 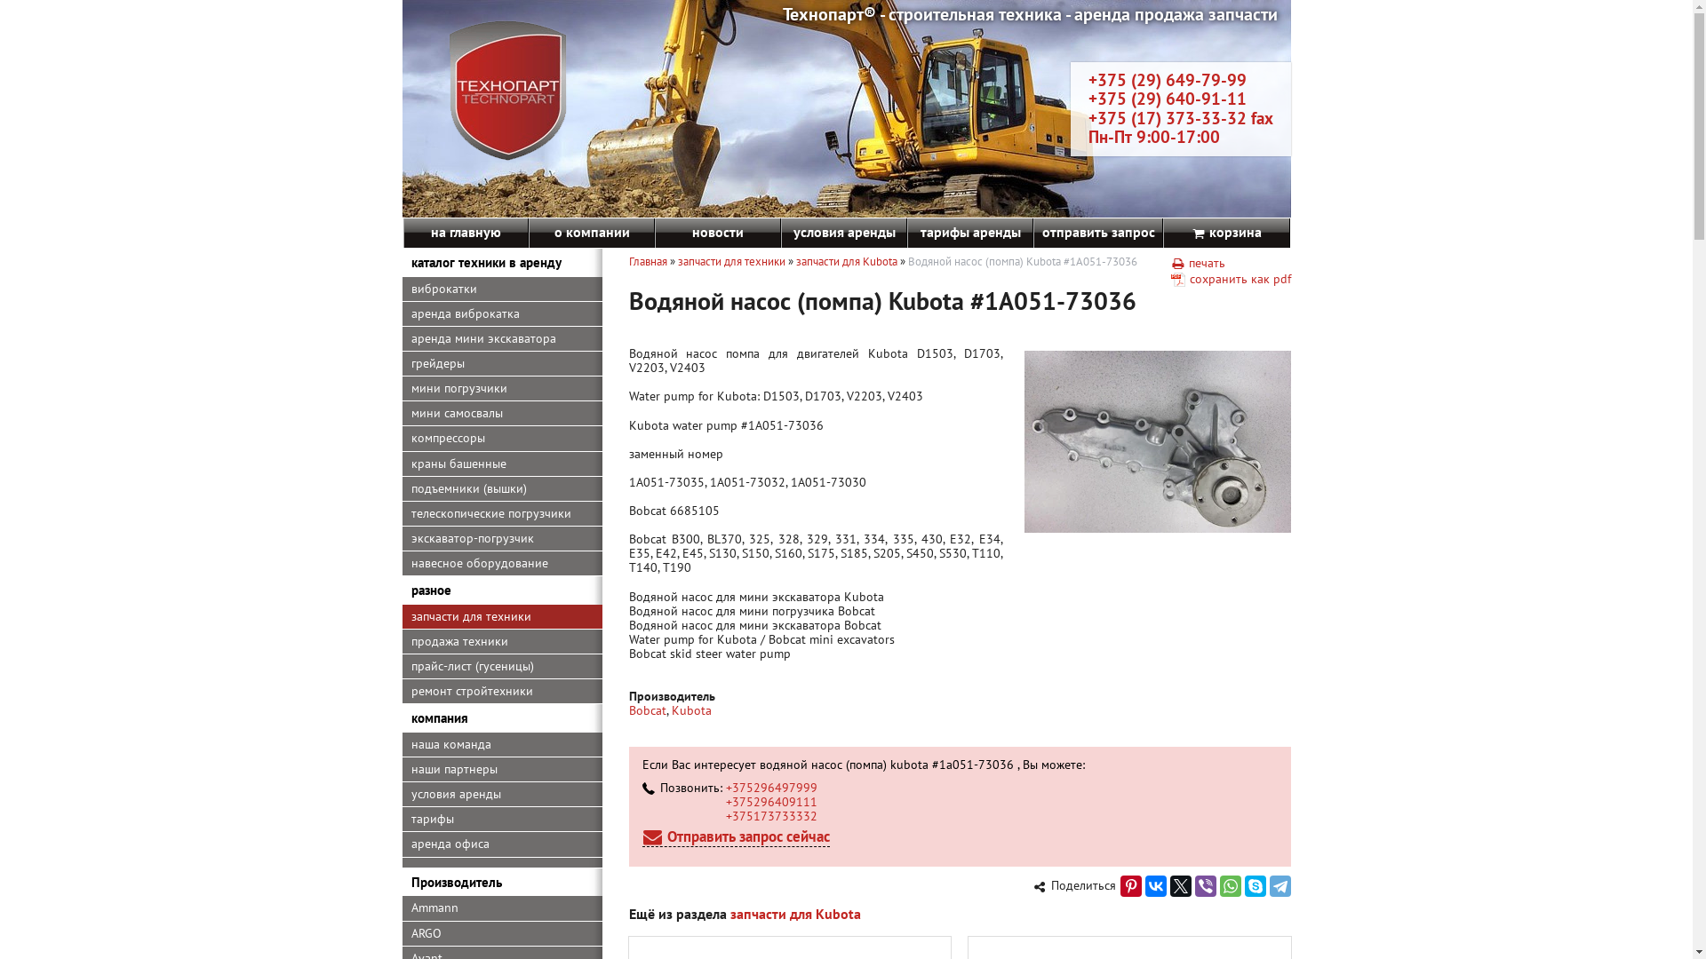 I want to click on 'Ammann', so click(x=500, y=907).